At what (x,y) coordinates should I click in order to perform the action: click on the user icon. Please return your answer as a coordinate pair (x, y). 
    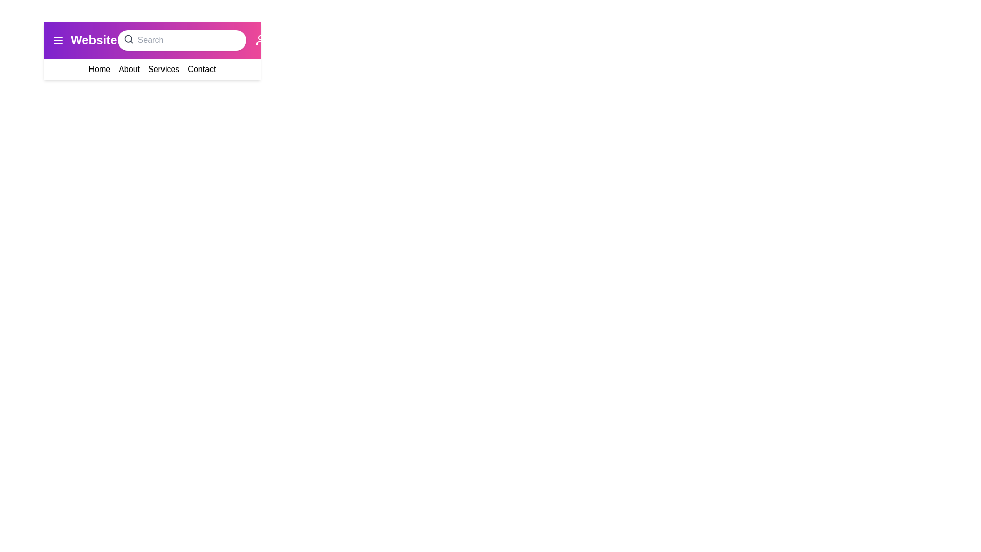
    Looking at the image, I should click on (260, 39).